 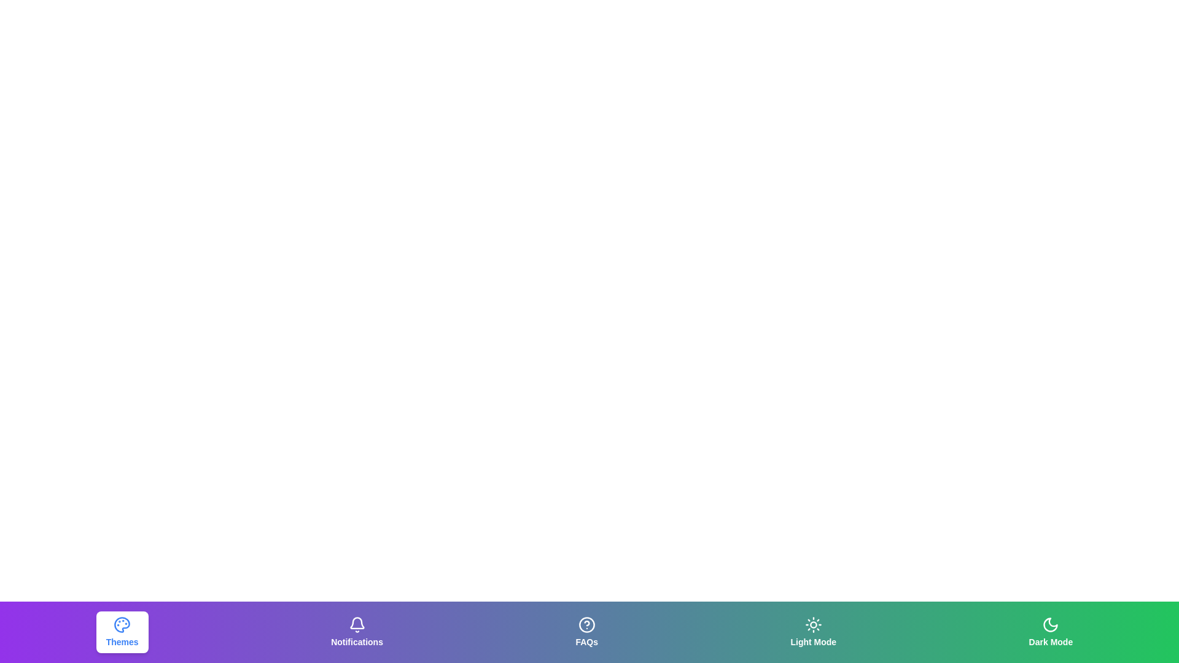 I want to click on the tab labeled FAQs to select it, so click(x=586, y=632).